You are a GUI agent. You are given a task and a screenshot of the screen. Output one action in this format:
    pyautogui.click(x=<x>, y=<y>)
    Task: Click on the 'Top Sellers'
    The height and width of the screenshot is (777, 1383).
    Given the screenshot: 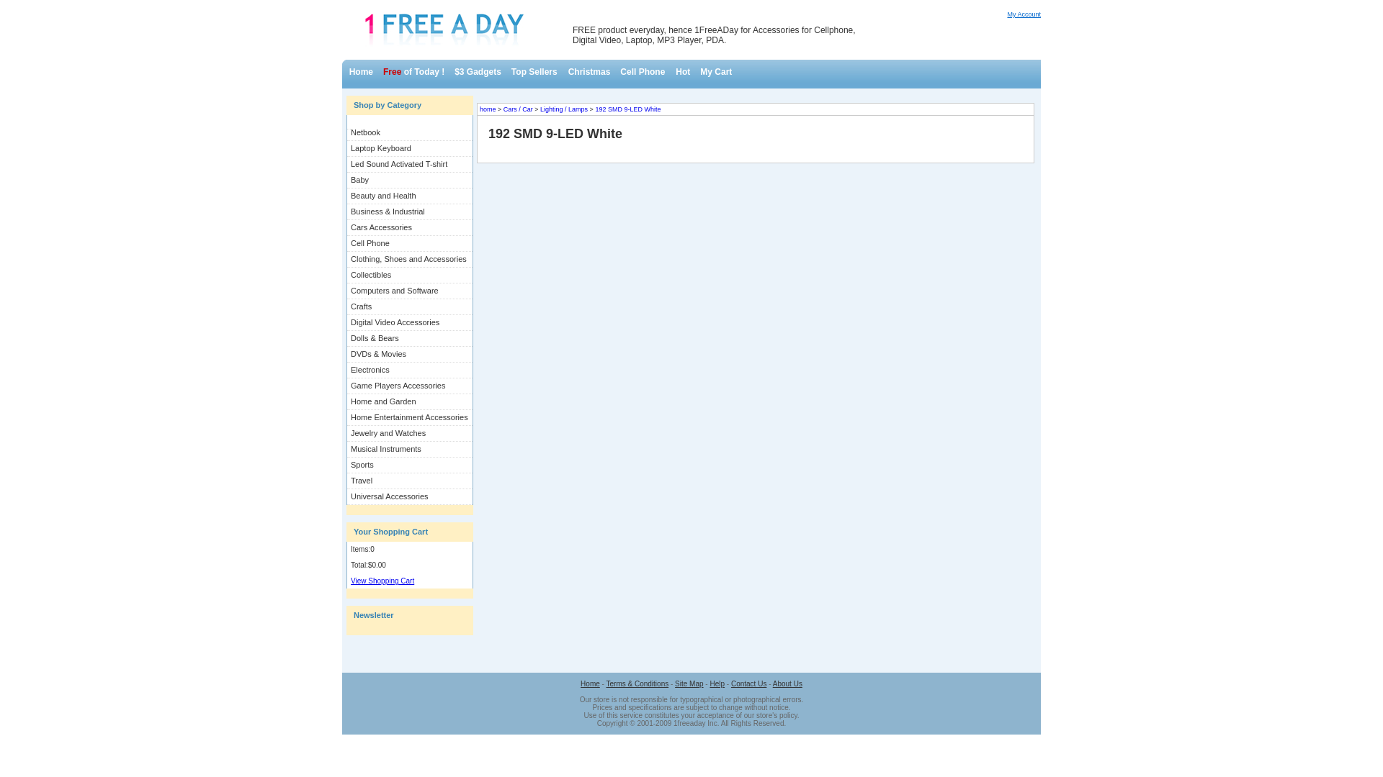 What is the action you would take?
    pyautogui.click(x=534, y=72)
    